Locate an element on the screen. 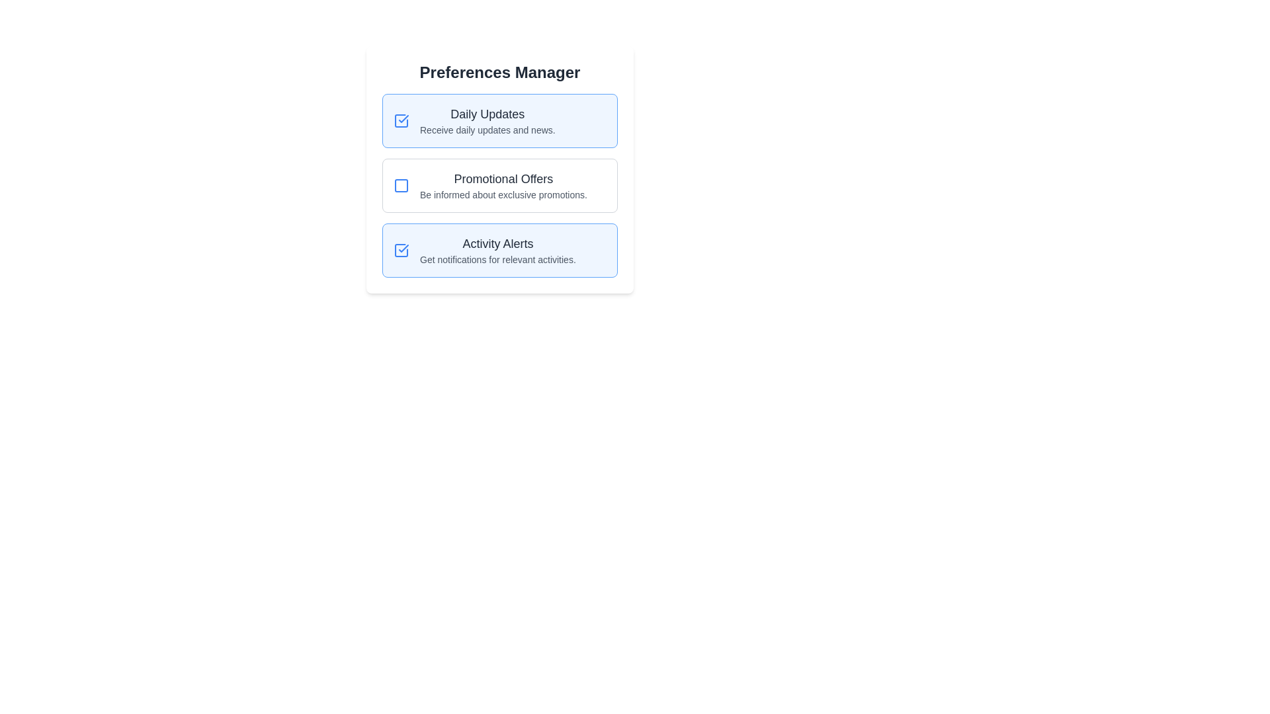 This screenshot has height=714, width=1270. text from the Text Label located directly below the 'Promotional Offers' heading in the 'Preferences Manager' interface is located at coordinates (503, 194).